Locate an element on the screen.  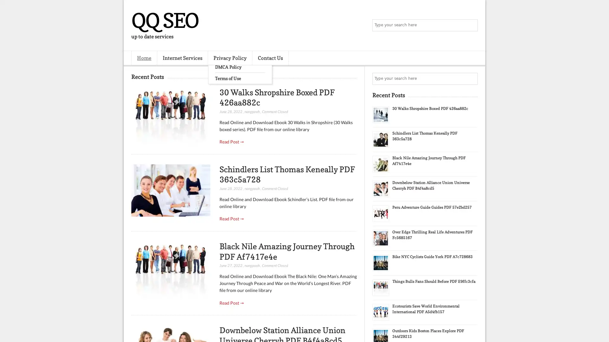
Search is located at coordinates (471, 25).